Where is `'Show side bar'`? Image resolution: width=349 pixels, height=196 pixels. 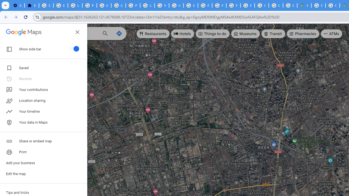
'Show side bar' is located at coordinates (73, 48).